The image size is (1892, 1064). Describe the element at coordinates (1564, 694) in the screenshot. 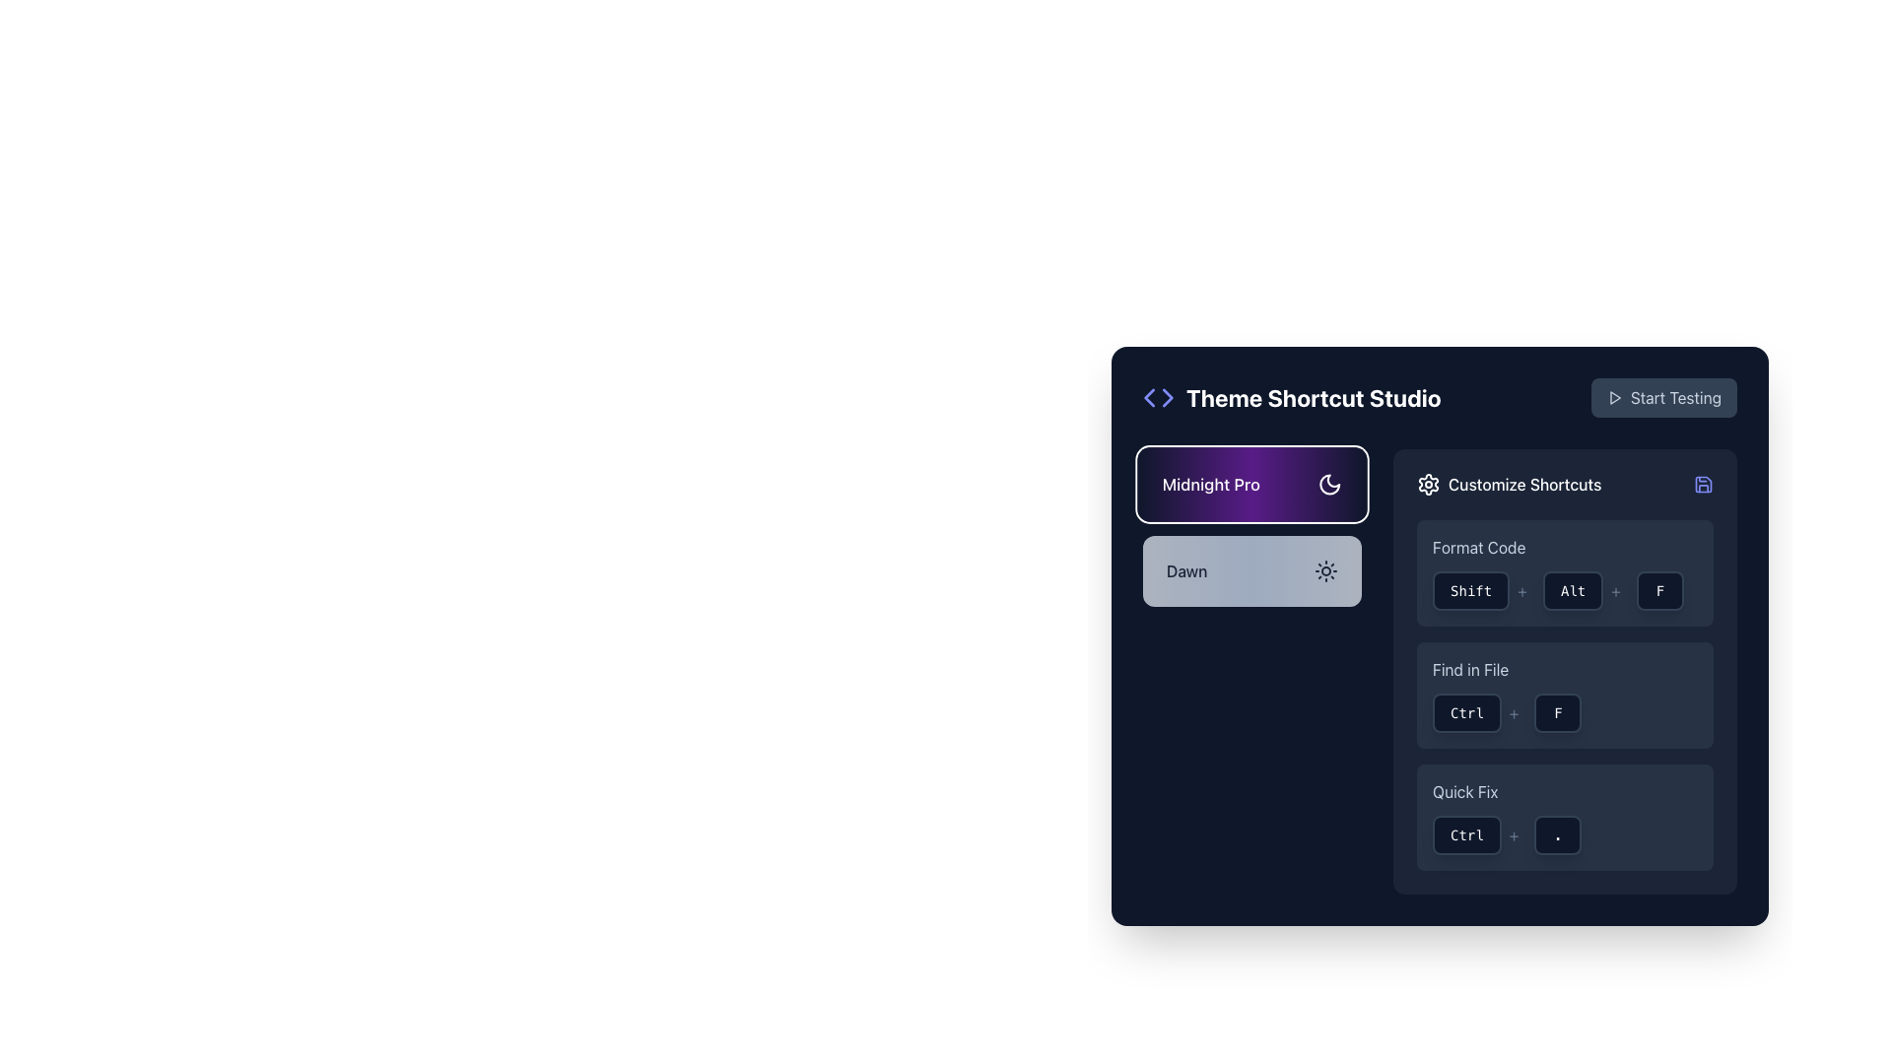

I see `button styled as a rectangular keycap with a dark background and white text 'F', which is the second button in the second row titled 'Find in File' under the 'Customize Shortcuts' section` at that location.